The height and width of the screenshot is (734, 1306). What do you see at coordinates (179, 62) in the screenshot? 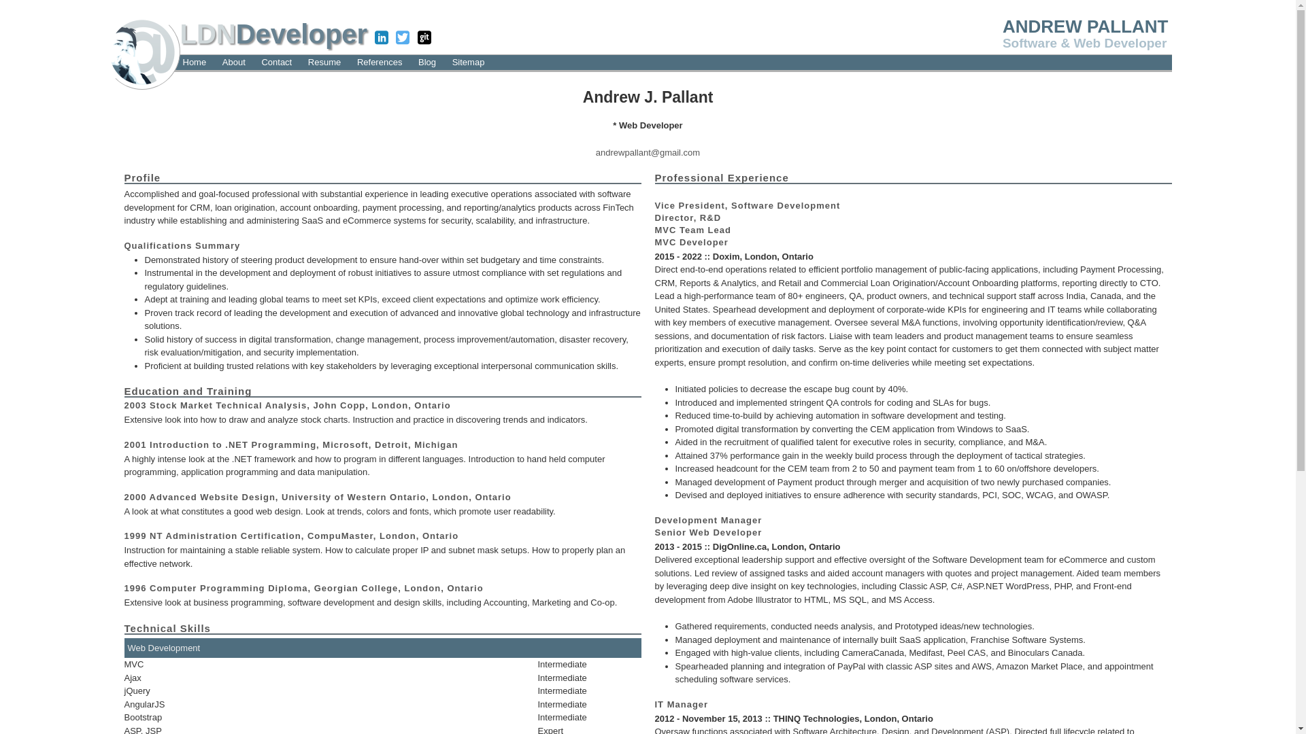
I see `'Home'` at bounding box center [179, 62].